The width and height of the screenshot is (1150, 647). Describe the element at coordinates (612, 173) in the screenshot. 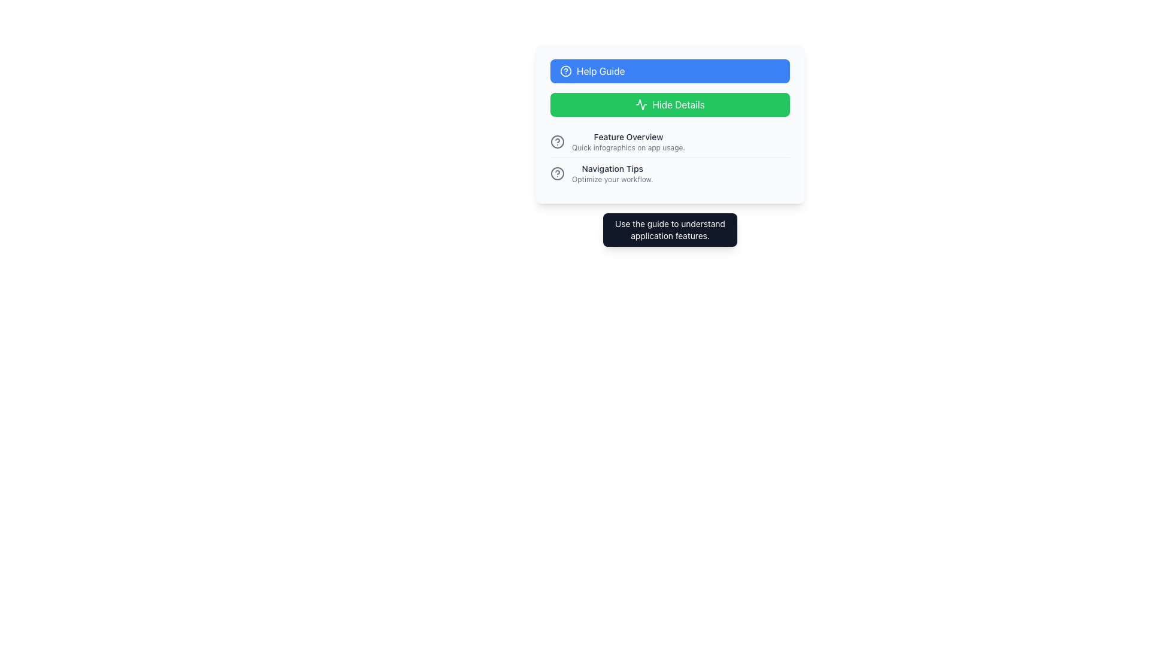

I see `text content of the third Text block with title and description, which aids users in navigating through the application` at that location.